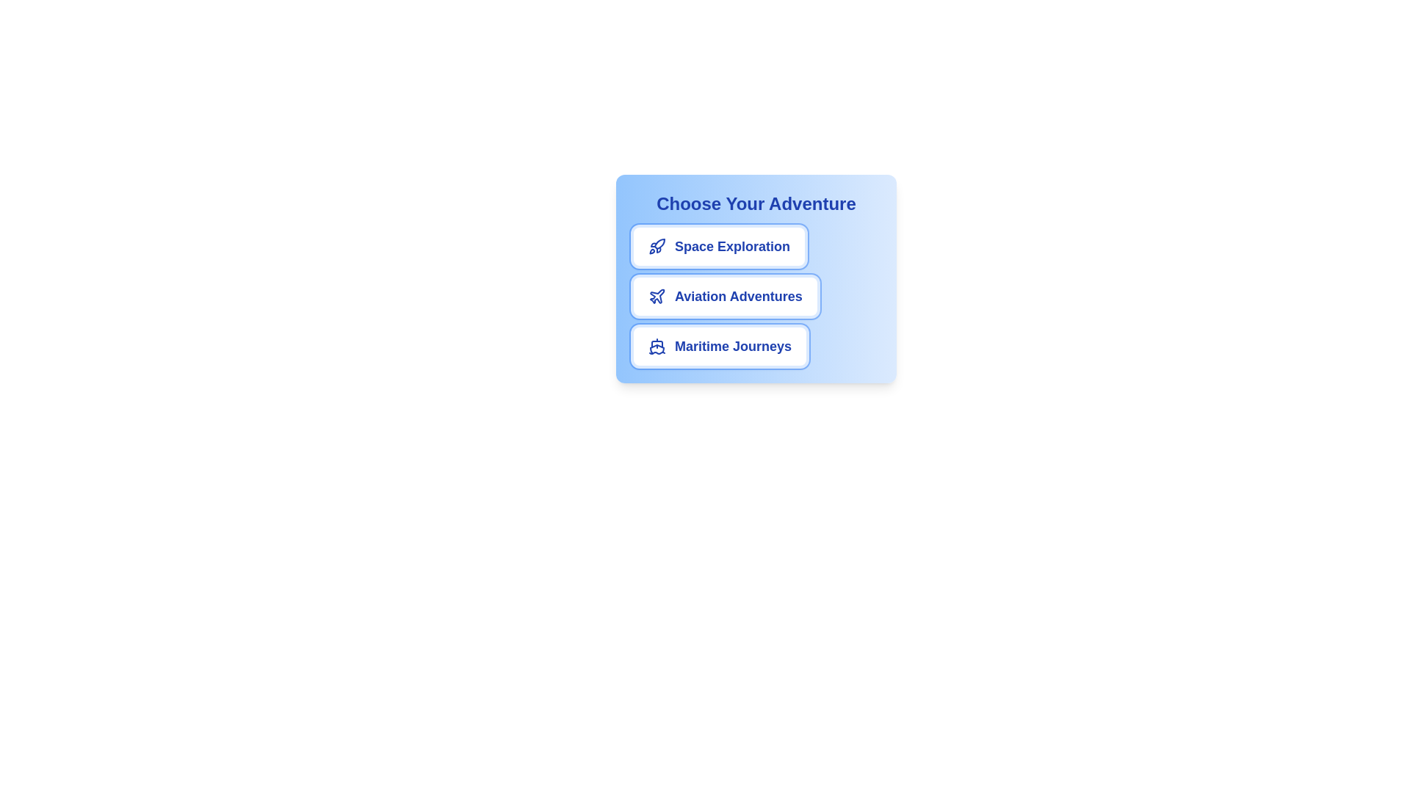 This screenshot has height=793, width=1410. Describe the element at coordinates (656, 346) in the screenshot. I see `the icon for the chip labeled Maritime Journeys` at that location.